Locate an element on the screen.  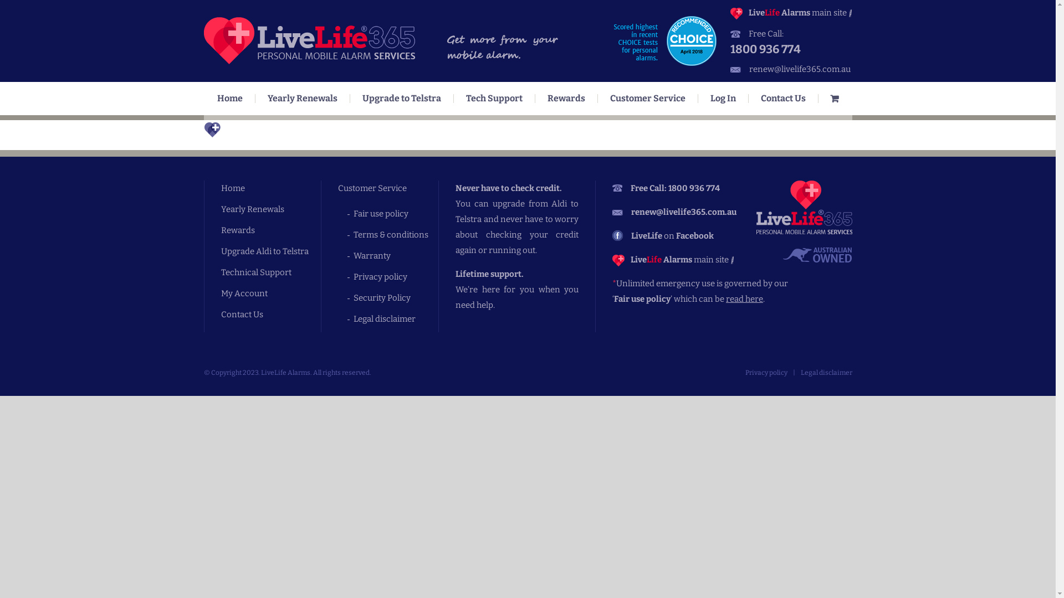
'Warranty' is located at coordinates (396, 256).